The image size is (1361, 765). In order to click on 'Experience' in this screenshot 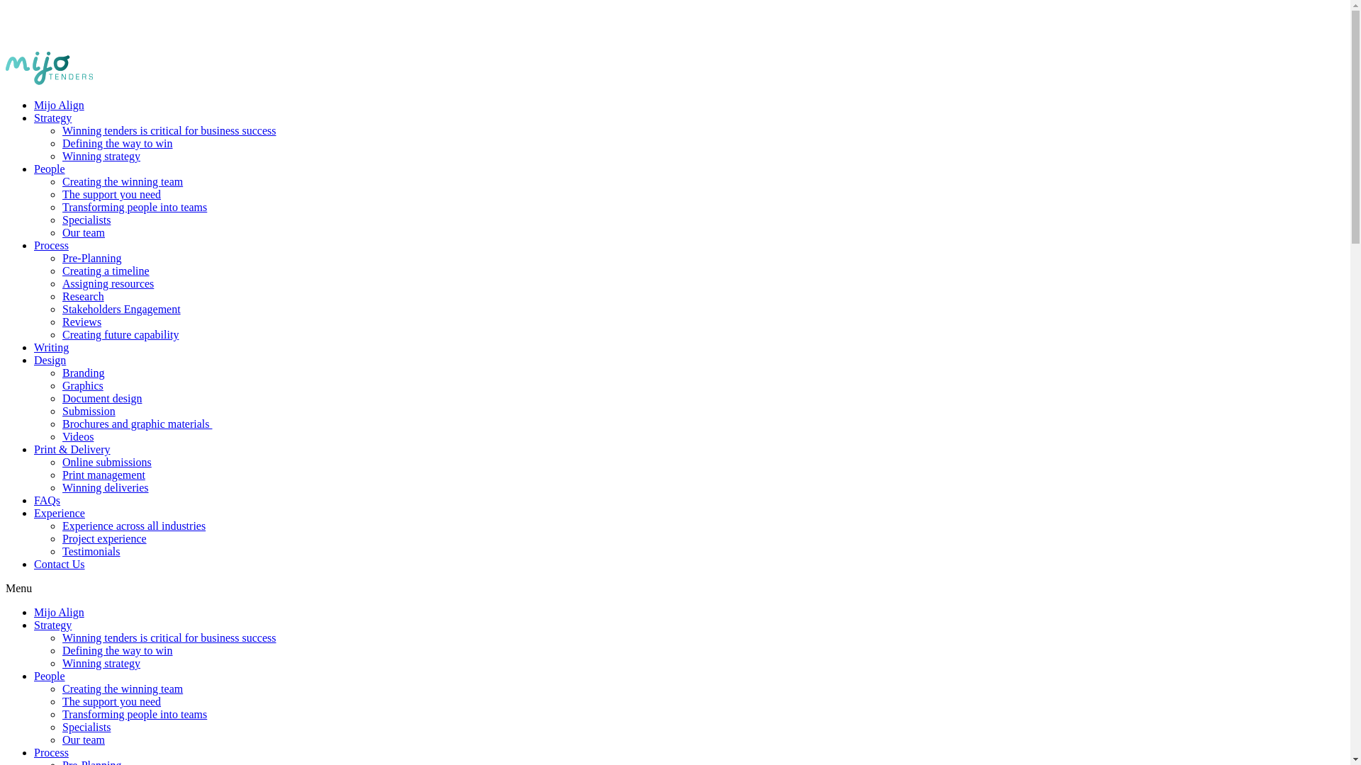, I will do `click(58, 513)`.